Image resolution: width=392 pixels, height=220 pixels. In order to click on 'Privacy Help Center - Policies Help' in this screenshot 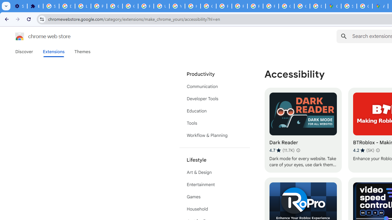, I will do `click(224, 6)`.